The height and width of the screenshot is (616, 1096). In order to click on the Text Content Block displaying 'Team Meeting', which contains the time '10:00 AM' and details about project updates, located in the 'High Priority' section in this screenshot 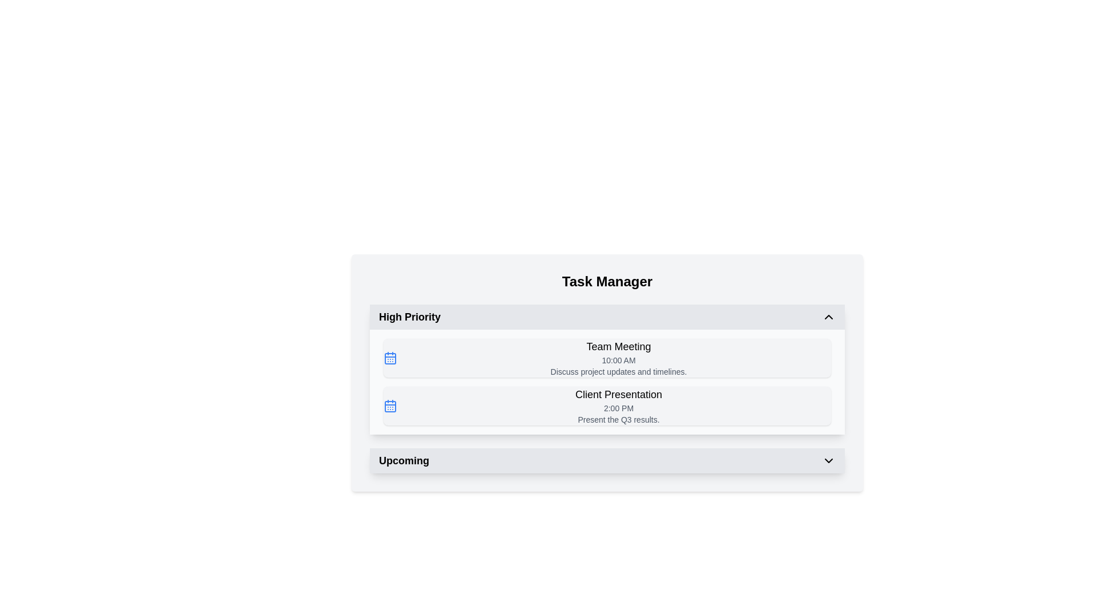, I will do `click(618, 358)`.